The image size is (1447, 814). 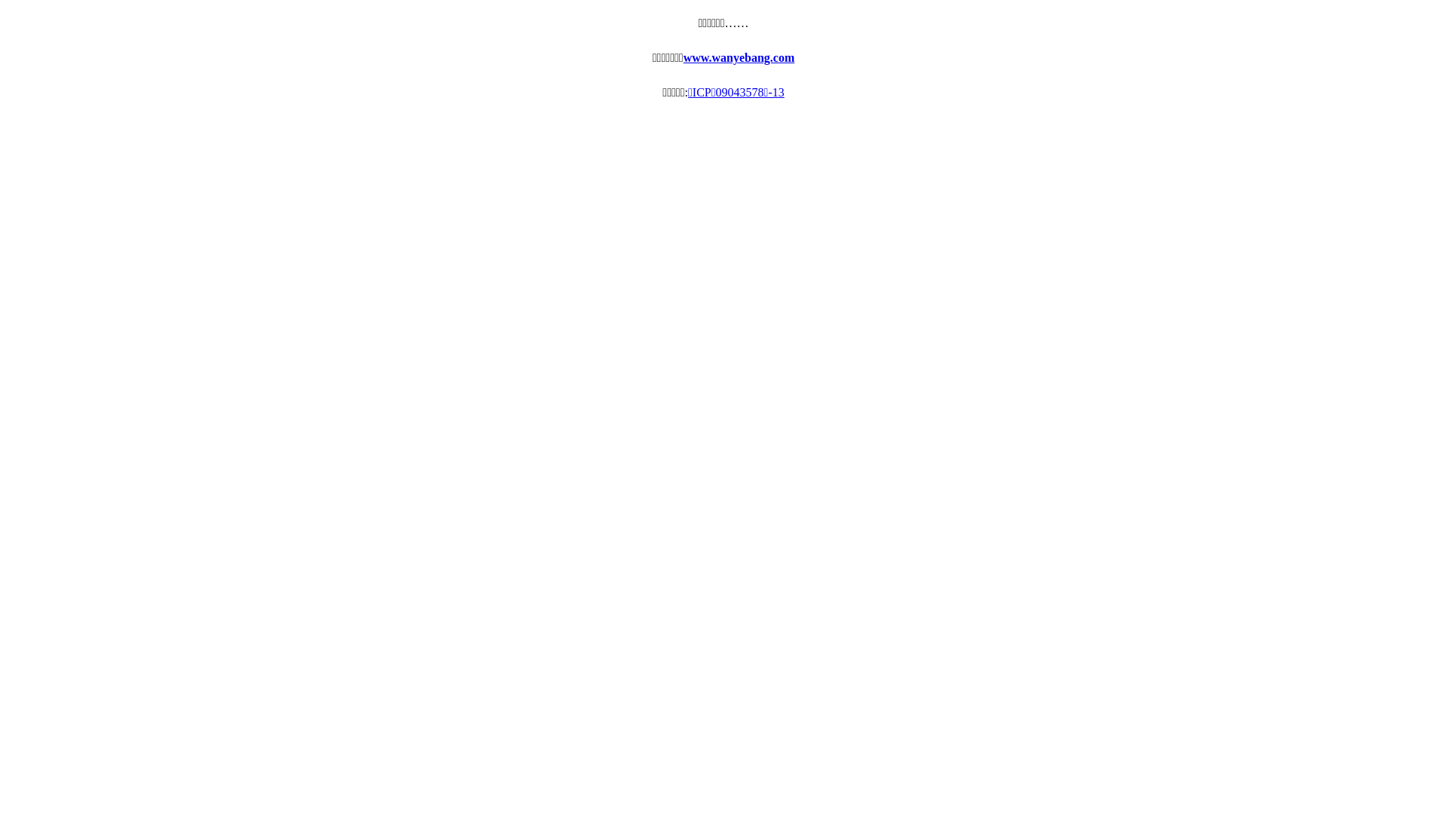 I want to click on 'www.wanyebang.com', so click(x=739, y=57).